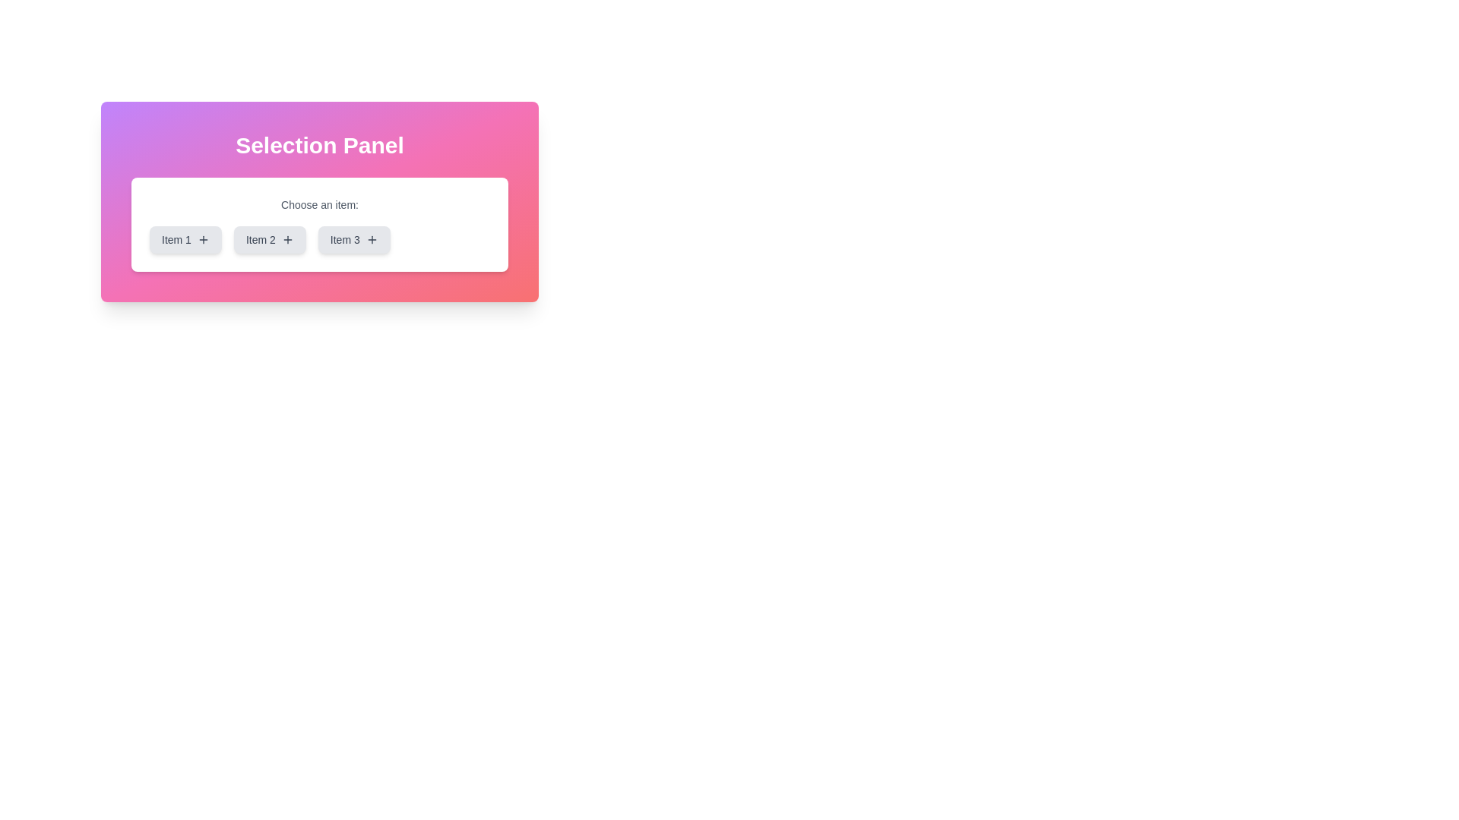  Describe the element at coordinates (185, 239) in the screenshot. I see `the 'Item 1' button, which is a rectangular button with rounded corners, light gray background, and contains the text 'Item 1' aligned to the left with a plus icon on the right` at that location.